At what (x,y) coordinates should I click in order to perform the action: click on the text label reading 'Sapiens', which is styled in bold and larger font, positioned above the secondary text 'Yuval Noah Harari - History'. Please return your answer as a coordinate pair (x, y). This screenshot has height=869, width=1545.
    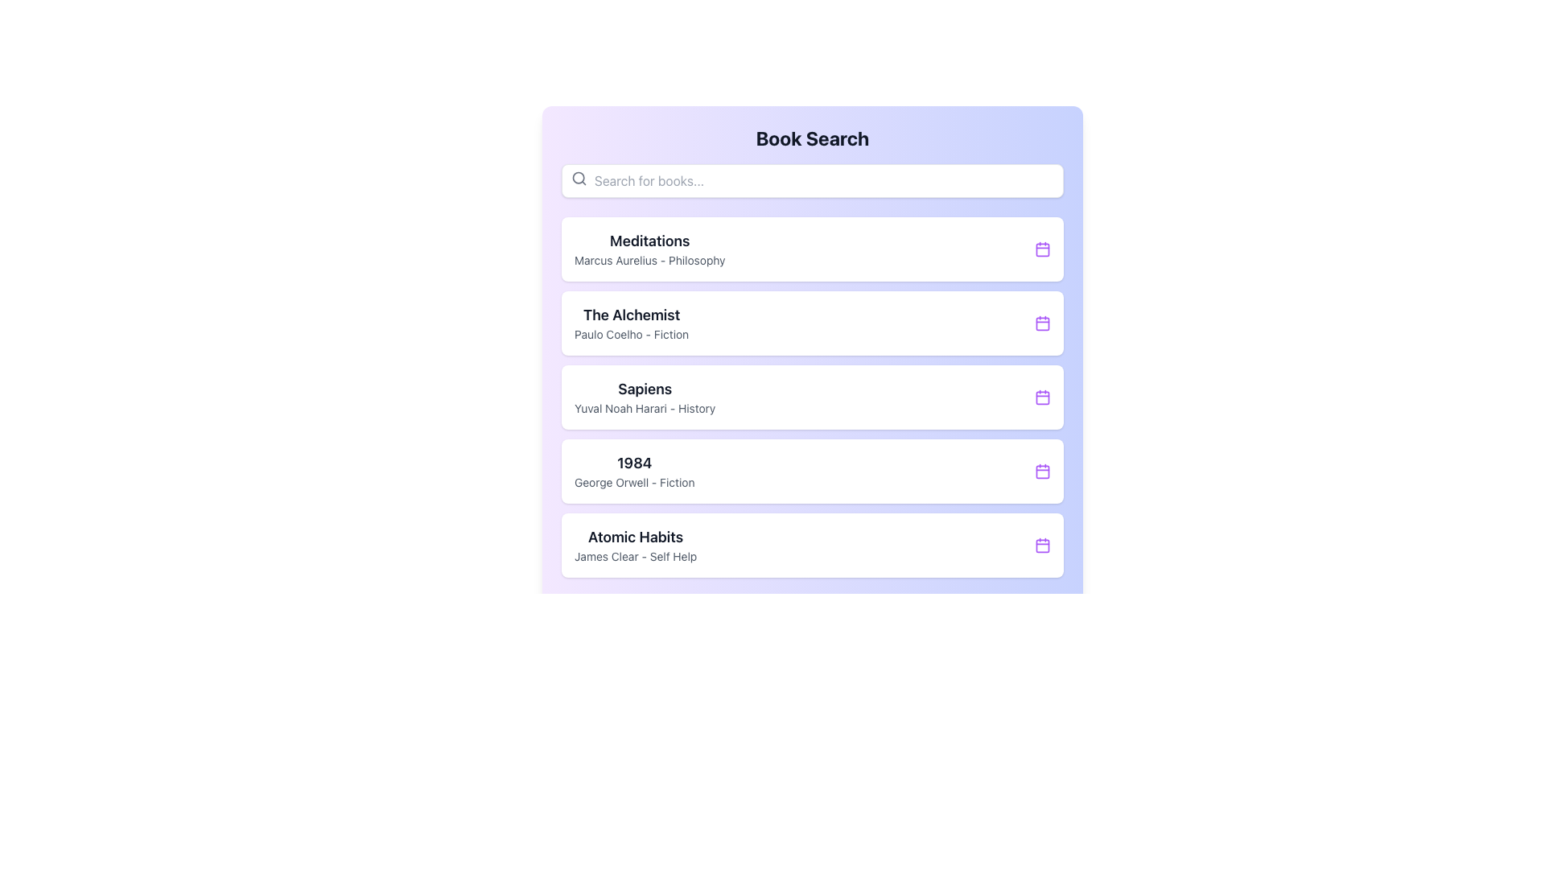
    Looking at the image, I should click on (645, 389).